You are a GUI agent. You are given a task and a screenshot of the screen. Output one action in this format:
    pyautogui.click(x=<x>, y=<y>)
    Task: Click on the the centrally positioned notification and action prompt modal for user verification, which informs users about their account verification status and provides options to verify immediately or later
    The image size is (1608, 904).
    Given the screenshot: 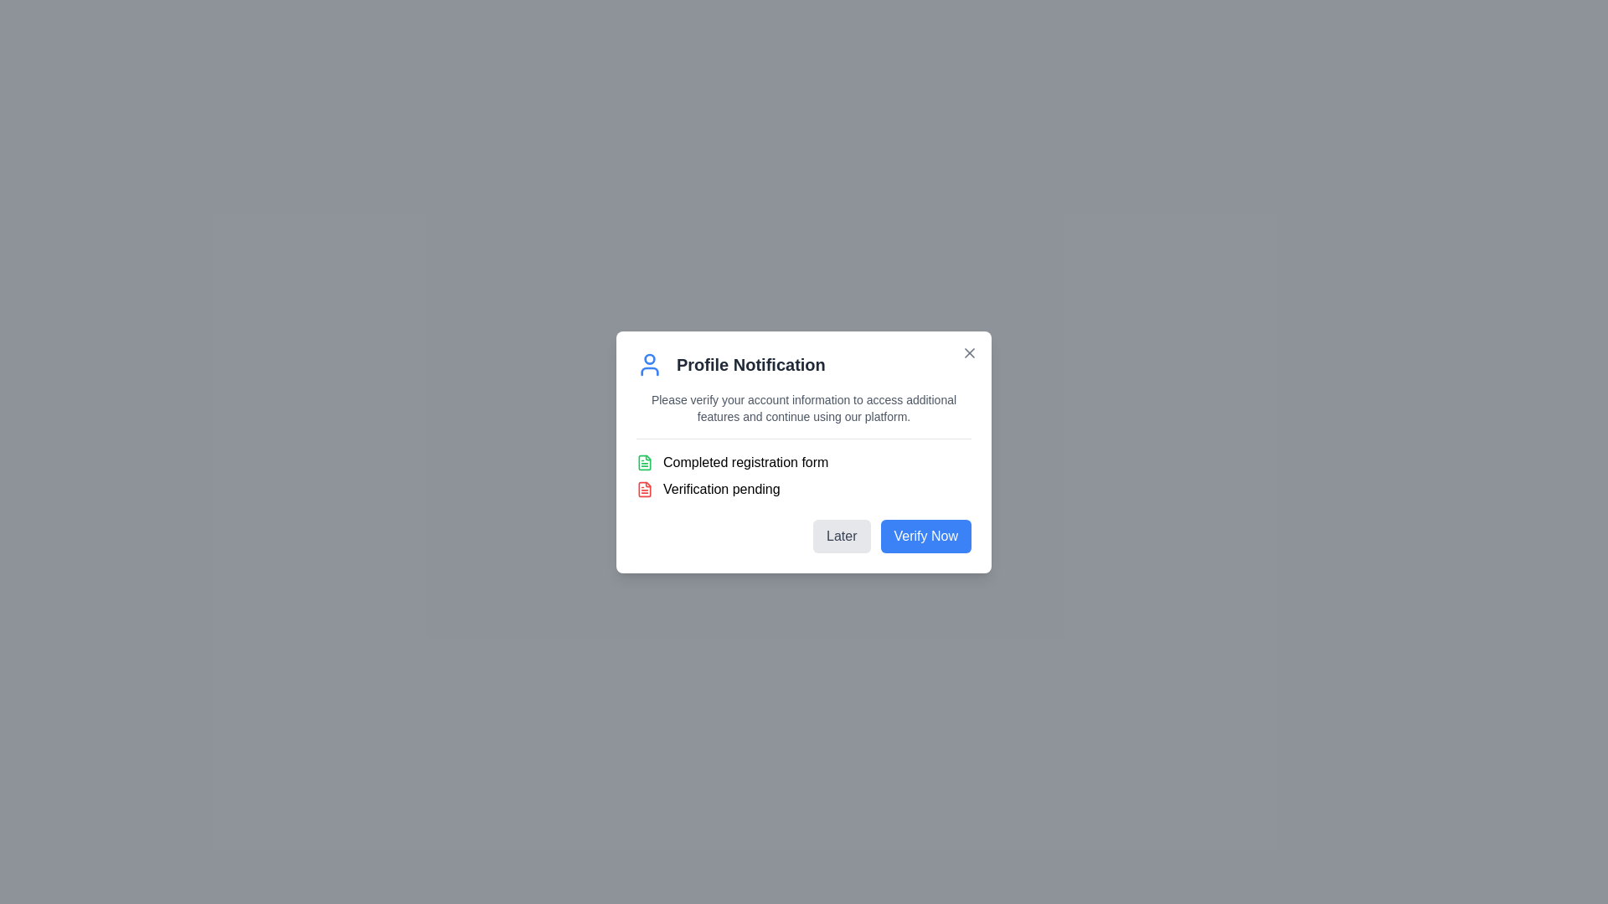 What is the action you would take?
    pyautogui.click(x=804, y=452)
    